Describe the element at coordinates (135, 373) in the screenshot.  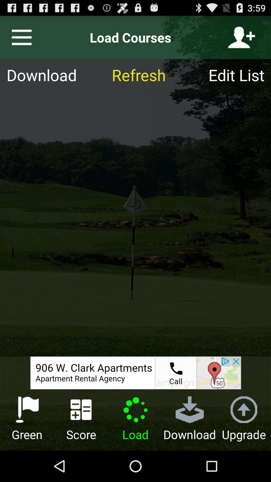
I see `advertisement` at that location.